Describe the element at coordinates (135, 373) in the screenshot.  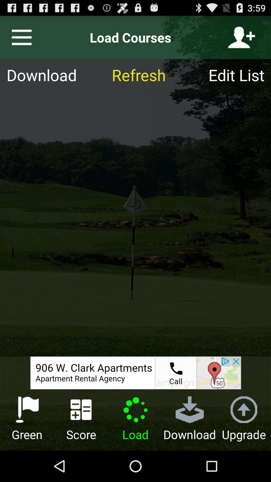
I see `advertisement` at that location.